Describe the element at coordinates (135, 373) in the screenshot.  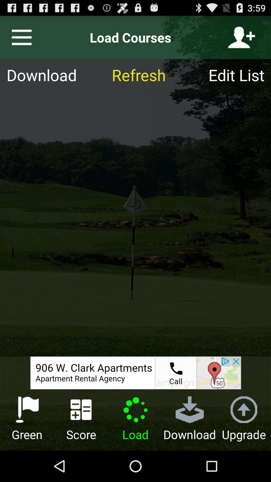
I see `advertisement` at that location.